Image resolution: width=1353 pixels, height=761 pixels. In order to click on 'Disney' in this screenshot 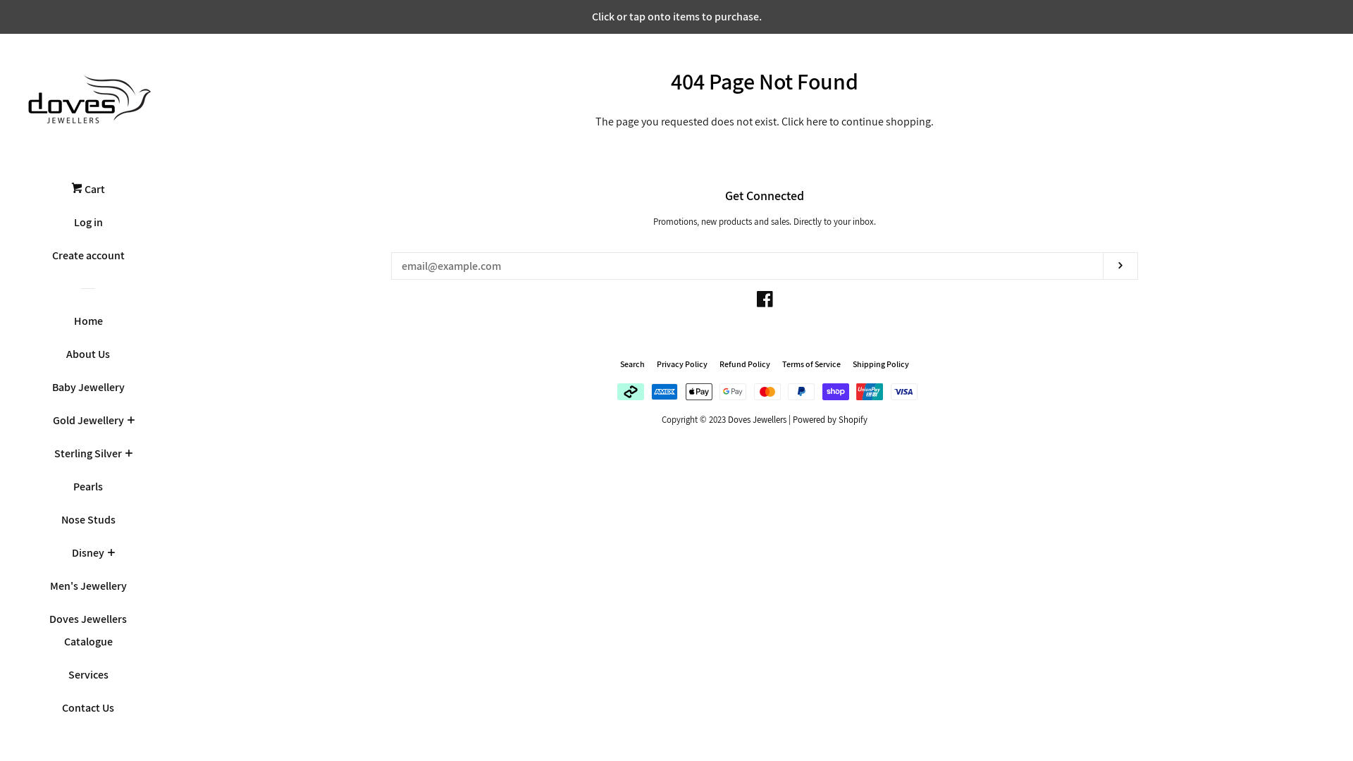, I will do `click(87, 557)`.